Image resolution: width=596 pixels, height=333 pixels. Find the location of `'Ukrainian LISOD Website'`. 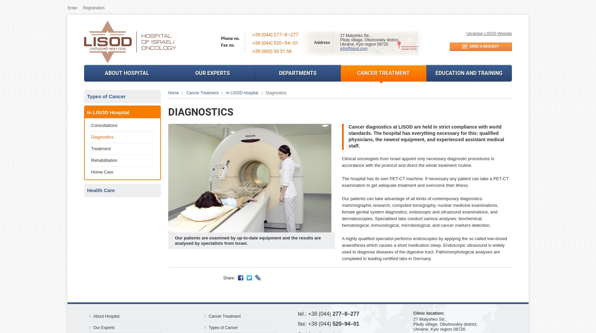

'Ukrainian LISOD Website' is located at coordinates (489, 33).